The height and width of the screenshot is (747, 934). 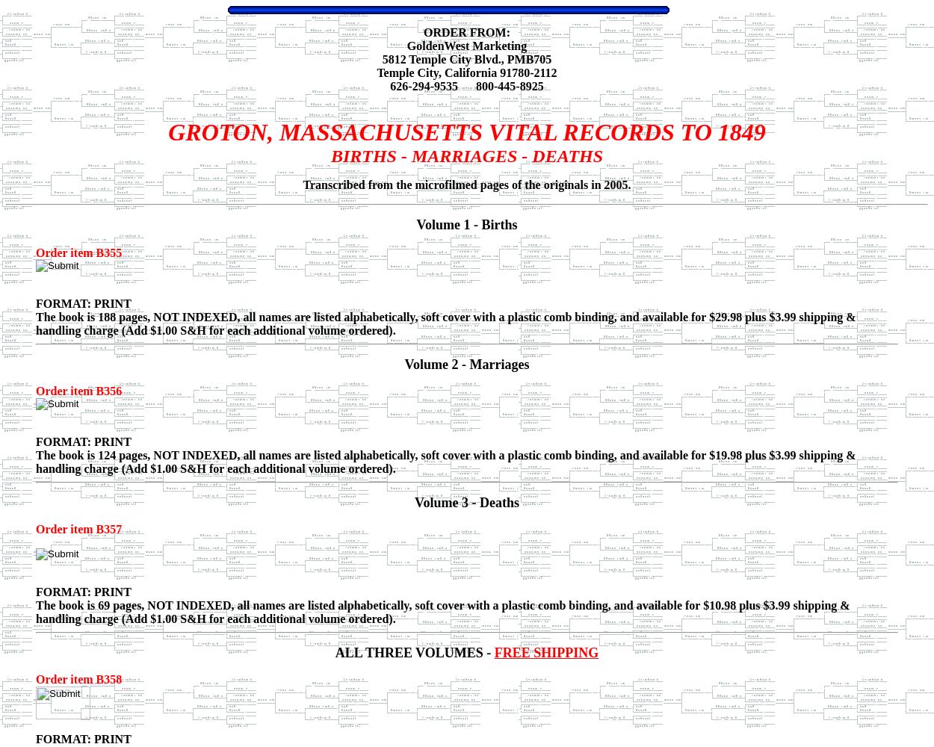 I want to click on 'The book is 69 pages, NOT INDEXED, all names are listed alphabetically, soft cover with a plastic comb binding, and available for
$10.98 plus $3.99 shipping & handling charge (Add $1.00 S&H for each additional volume ordered).', so click(x=442, y=611).